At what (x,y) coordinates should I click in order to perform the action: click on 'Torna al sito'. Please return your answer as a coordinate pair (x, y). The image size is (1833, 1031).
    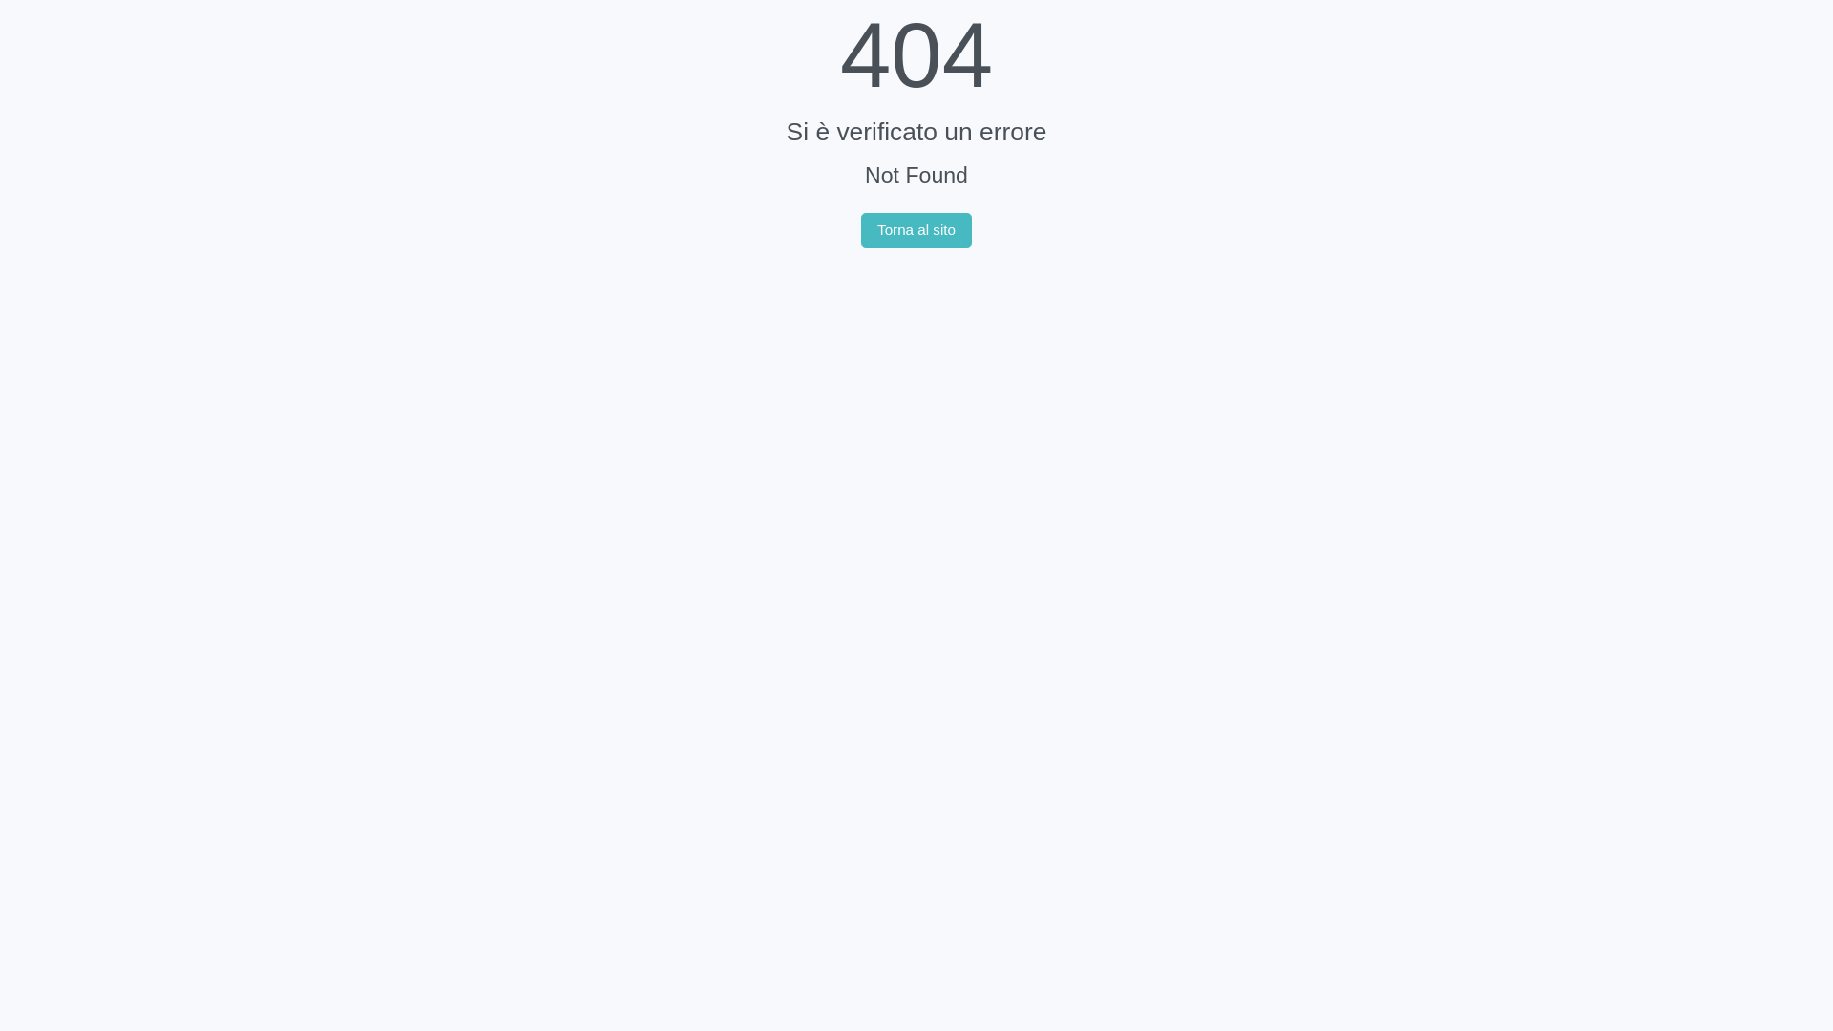
    Looking at the image, I should click on (860, 230).